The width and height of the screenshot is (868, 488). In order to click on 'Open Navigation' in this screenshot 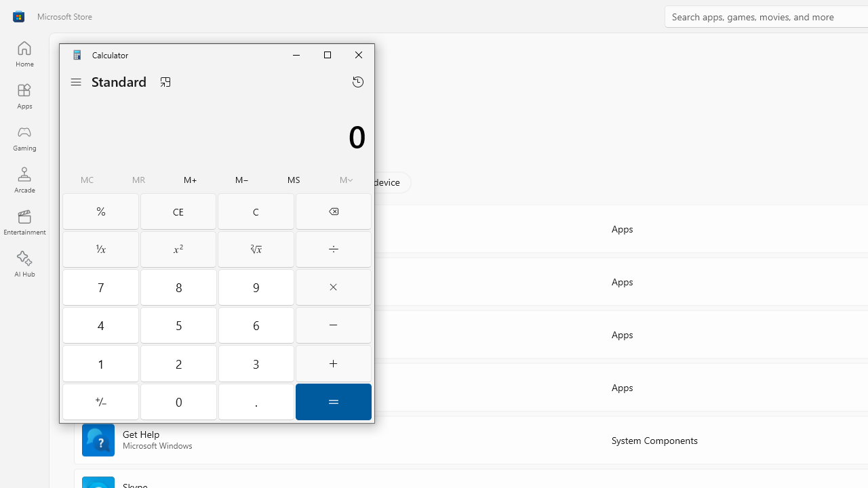, I will do `click(75, 81)`.